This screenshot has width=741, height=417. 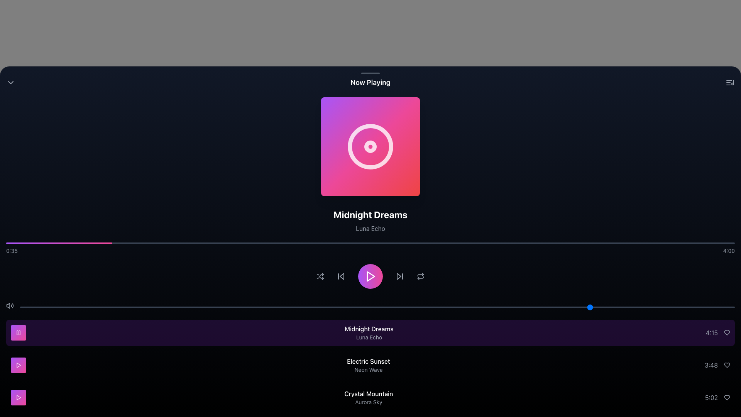 What do you see at coordinates (6, 242) in the screenshot?
I see `the progress of the media` at bounding box center [6, 242].